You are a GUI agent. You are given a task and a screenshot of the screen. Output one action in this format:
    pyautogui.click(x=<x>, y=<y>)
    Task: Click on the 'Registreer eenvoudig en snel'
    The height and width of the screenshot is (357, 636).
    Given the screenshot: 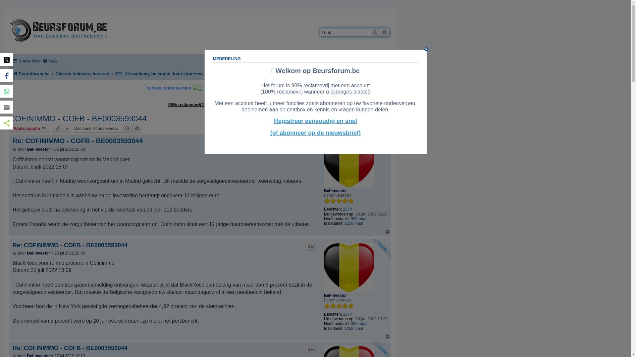 What is the action you would take?
    pyautogui.click(x=315, y=121)
    